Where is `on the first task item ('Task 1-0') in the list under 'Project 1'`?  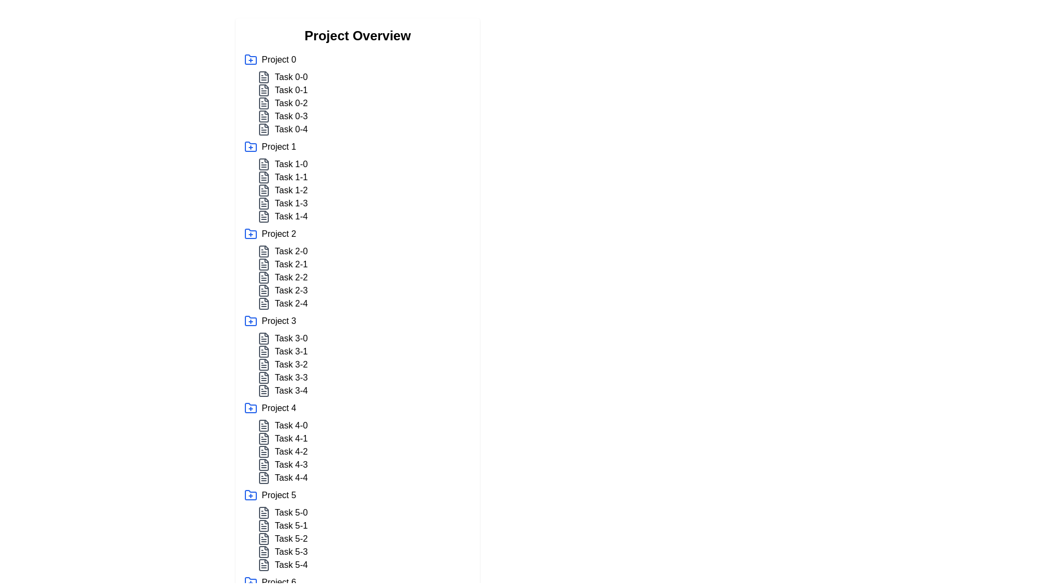 on the first task item ('Task 1-0') in the list under 'Project 1' is located at coordinates (364, 164).